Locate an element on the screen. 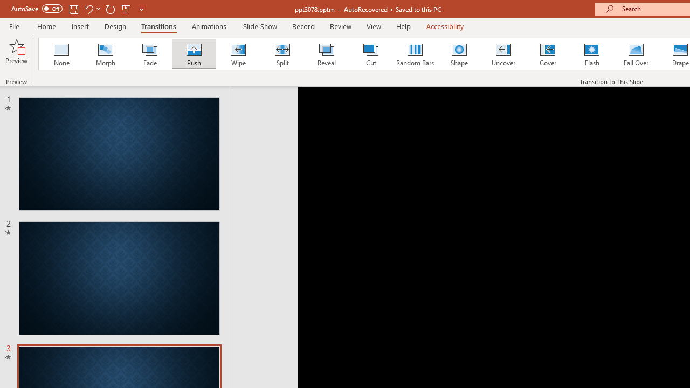  'Reveal' is located at coordinates (326, 54).